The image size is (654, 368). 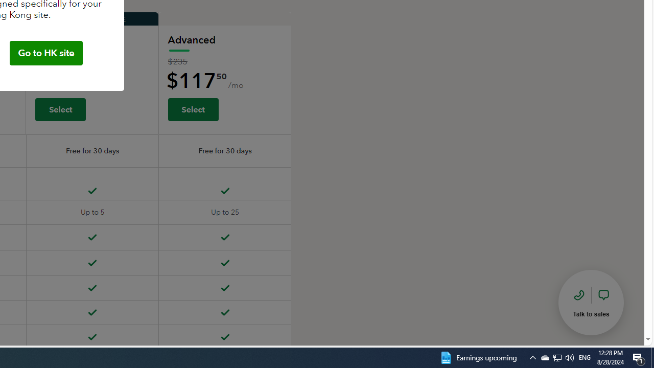 I want to click on 'Select advanced', so click(x=193, y=109).